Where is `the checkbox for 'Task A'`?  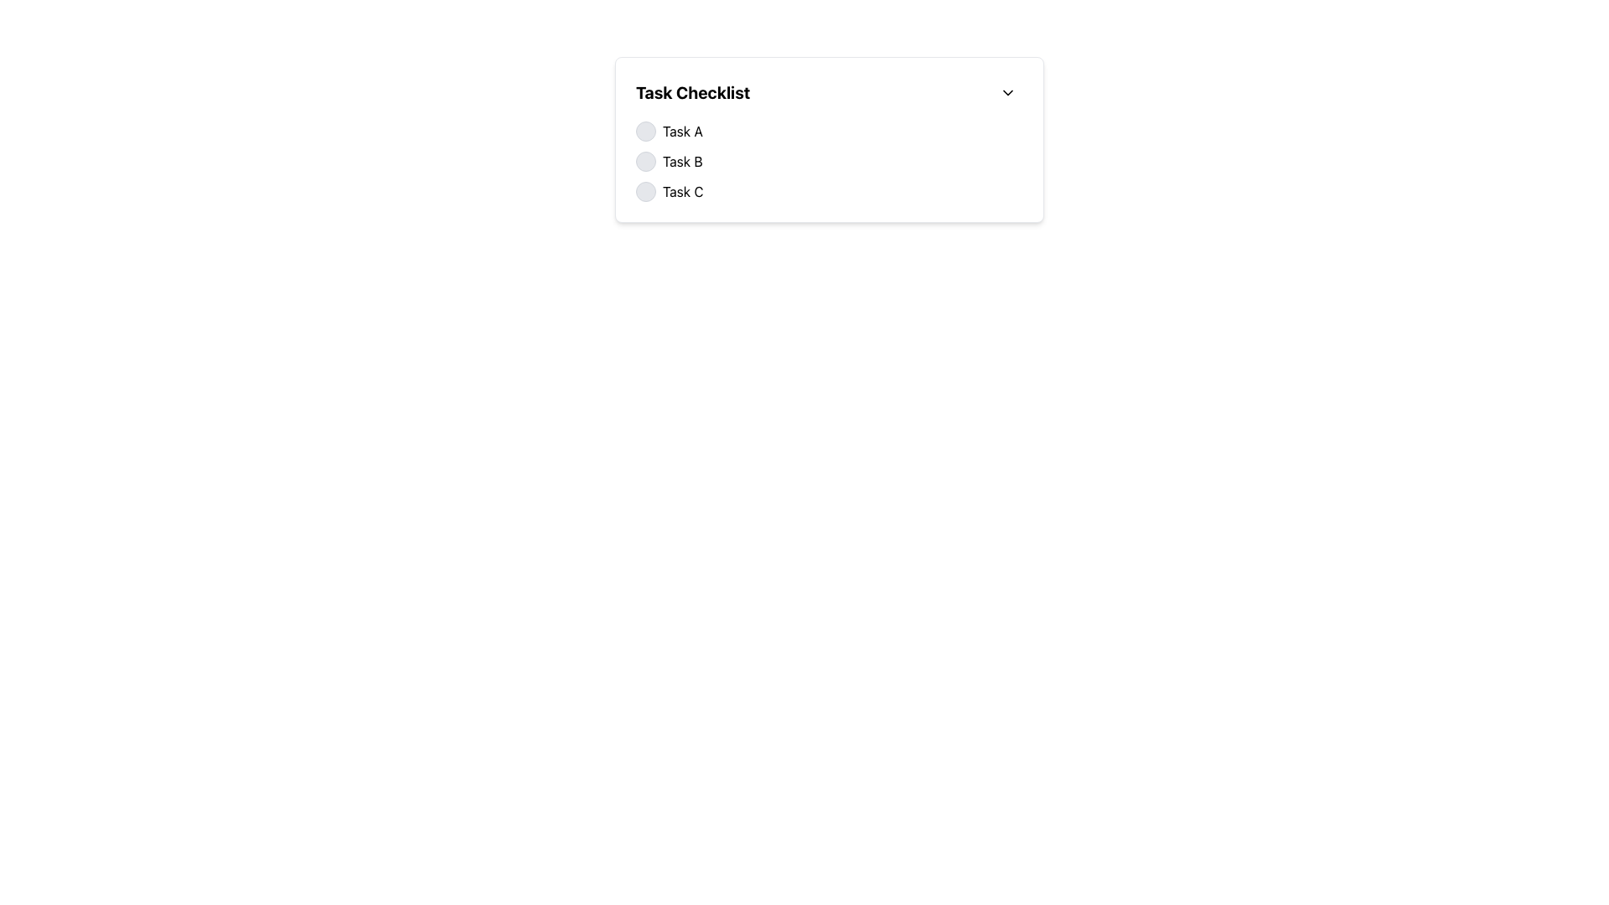
the checkbox for 'Task A' is located at coordinates (645, 131).